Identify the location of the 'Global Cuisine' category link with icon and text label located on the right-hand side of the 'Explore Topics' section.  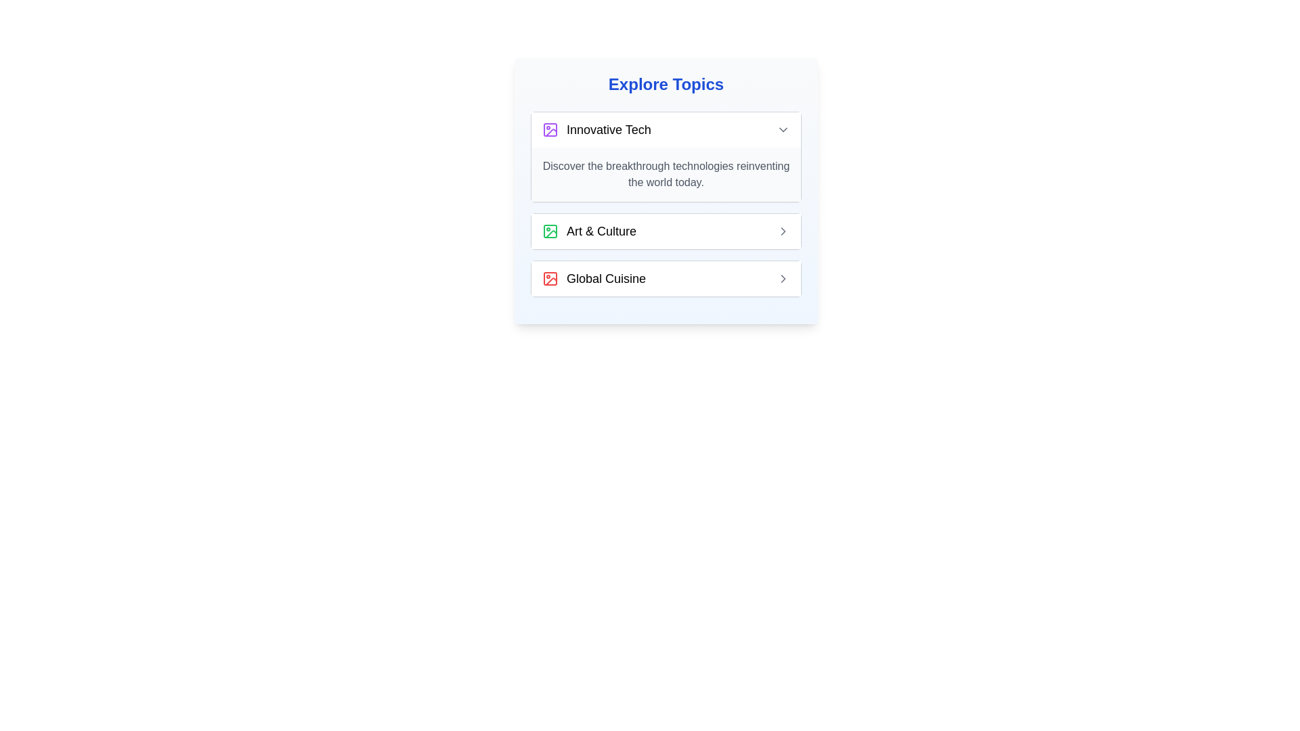
(594, 278).